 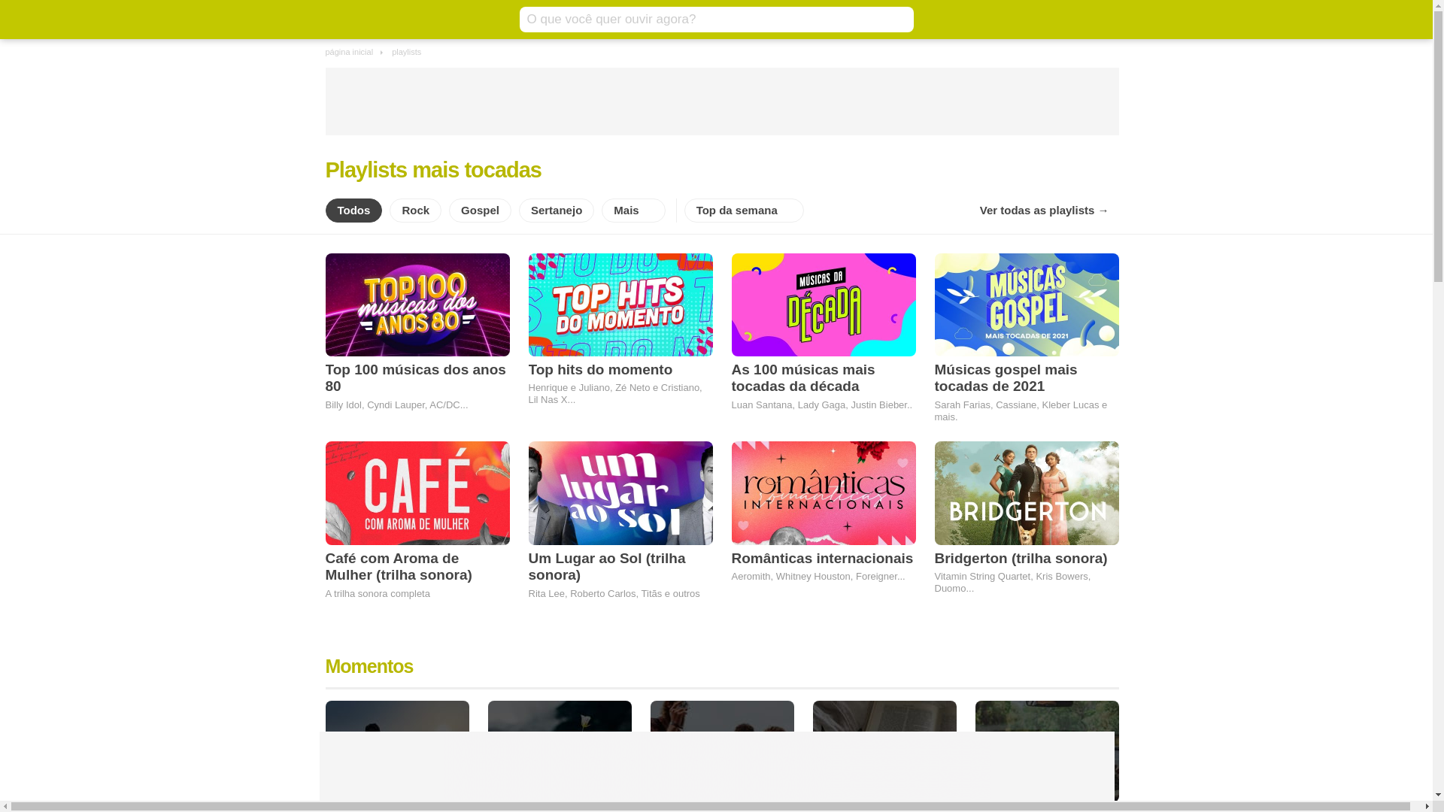 I want to click on 'Sertanejo', so click(x=555, y=211).